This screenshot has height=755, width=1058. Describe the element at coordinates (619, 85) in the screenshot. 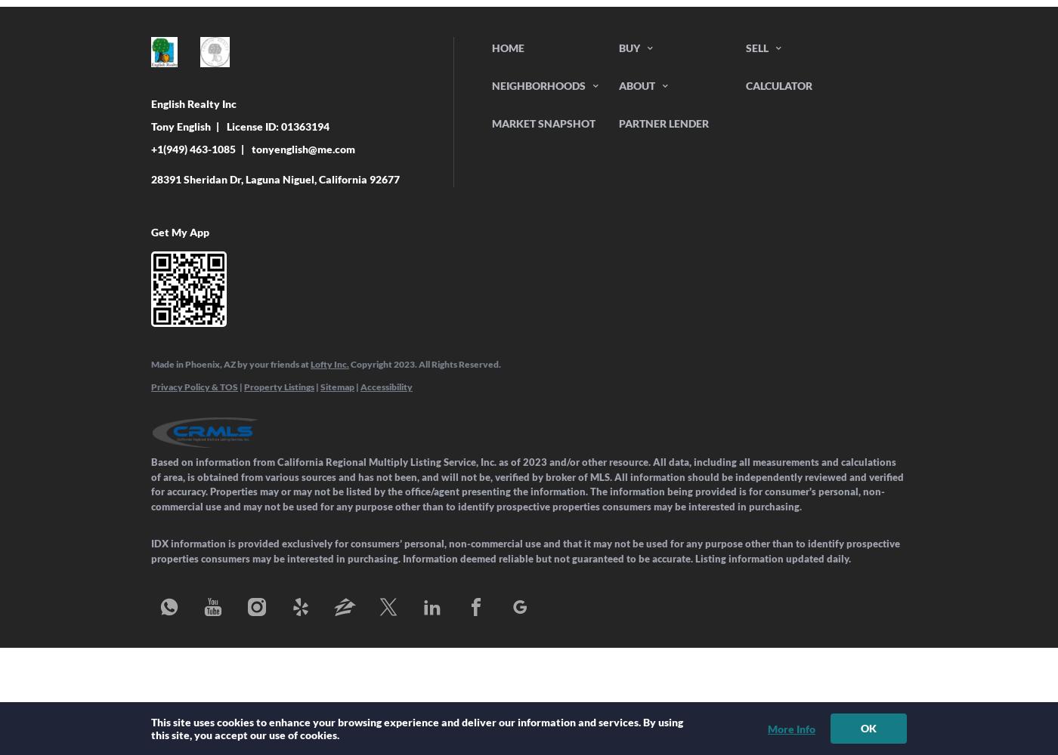

I see `'About'` at that location.